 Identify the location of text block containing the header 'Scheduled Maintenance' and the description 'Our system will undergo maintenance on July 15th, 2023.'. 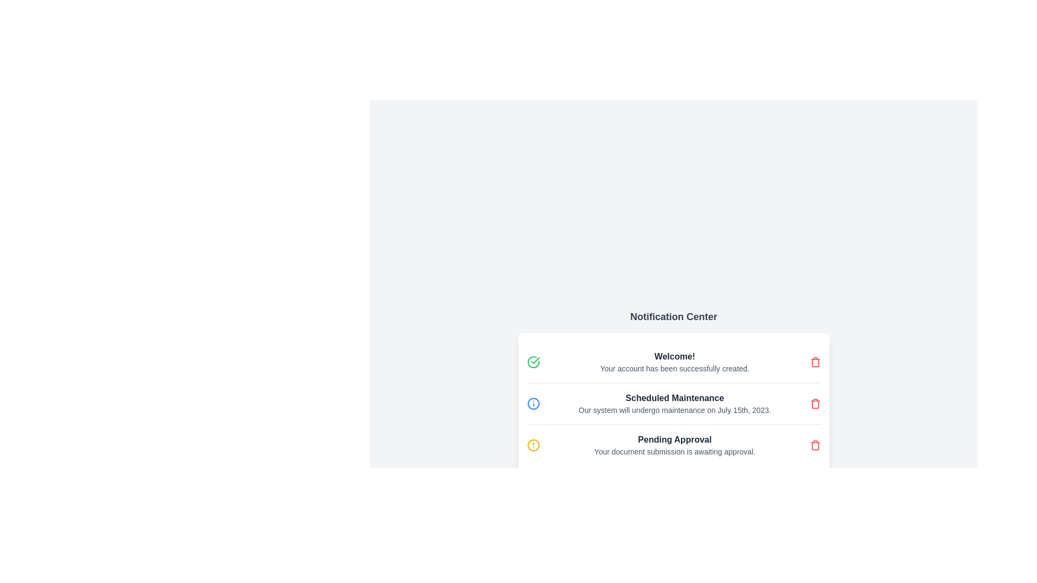
(674, 404).